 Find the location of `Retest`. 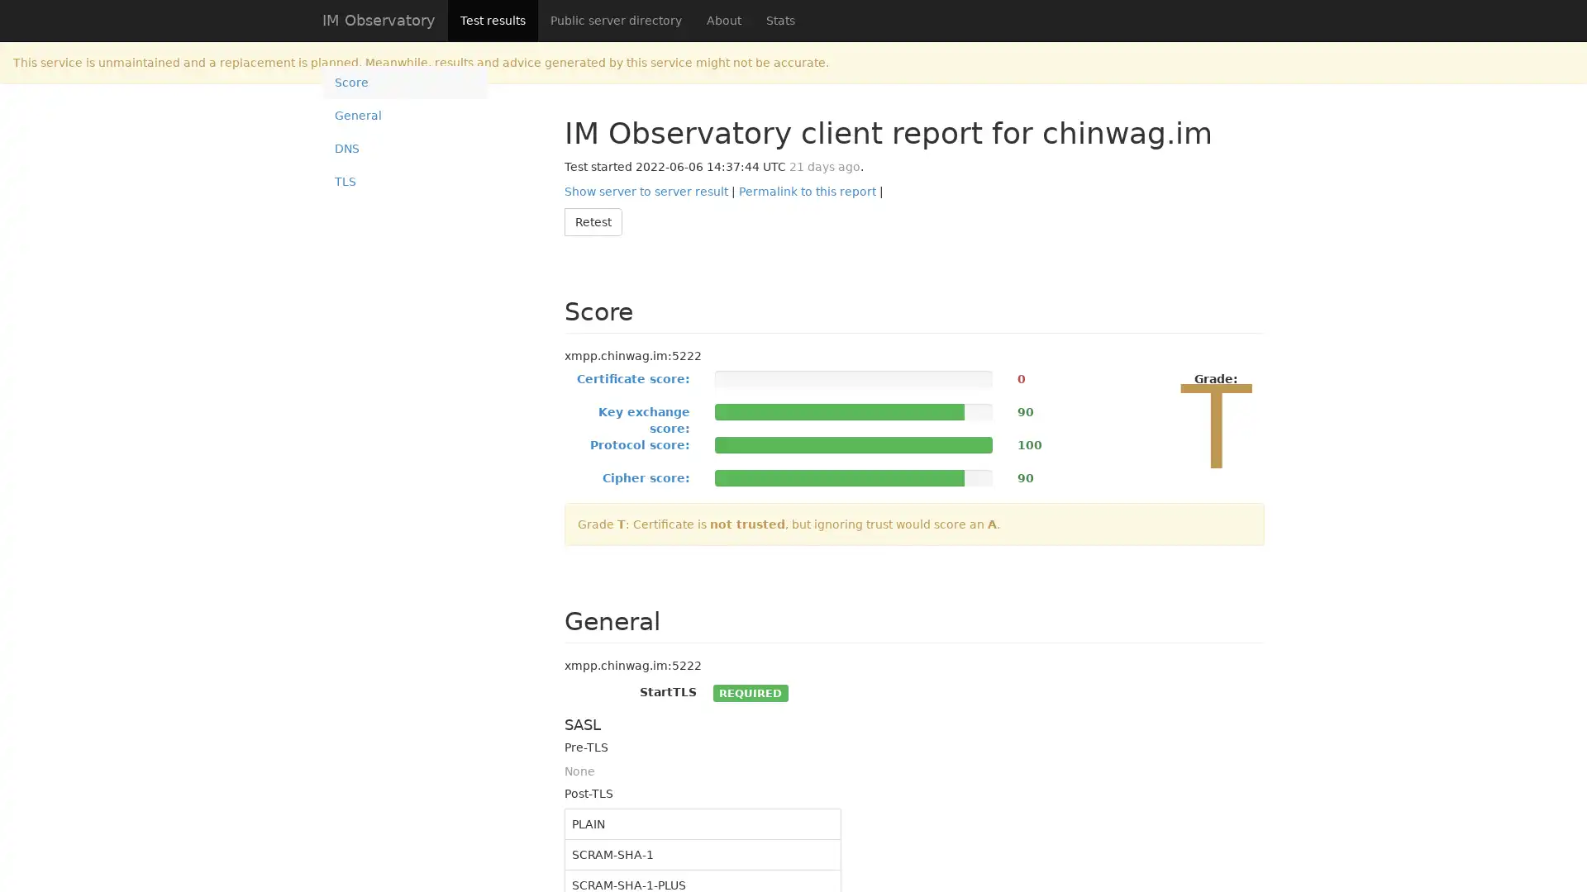

Retest is located at coordinates (592, 220).